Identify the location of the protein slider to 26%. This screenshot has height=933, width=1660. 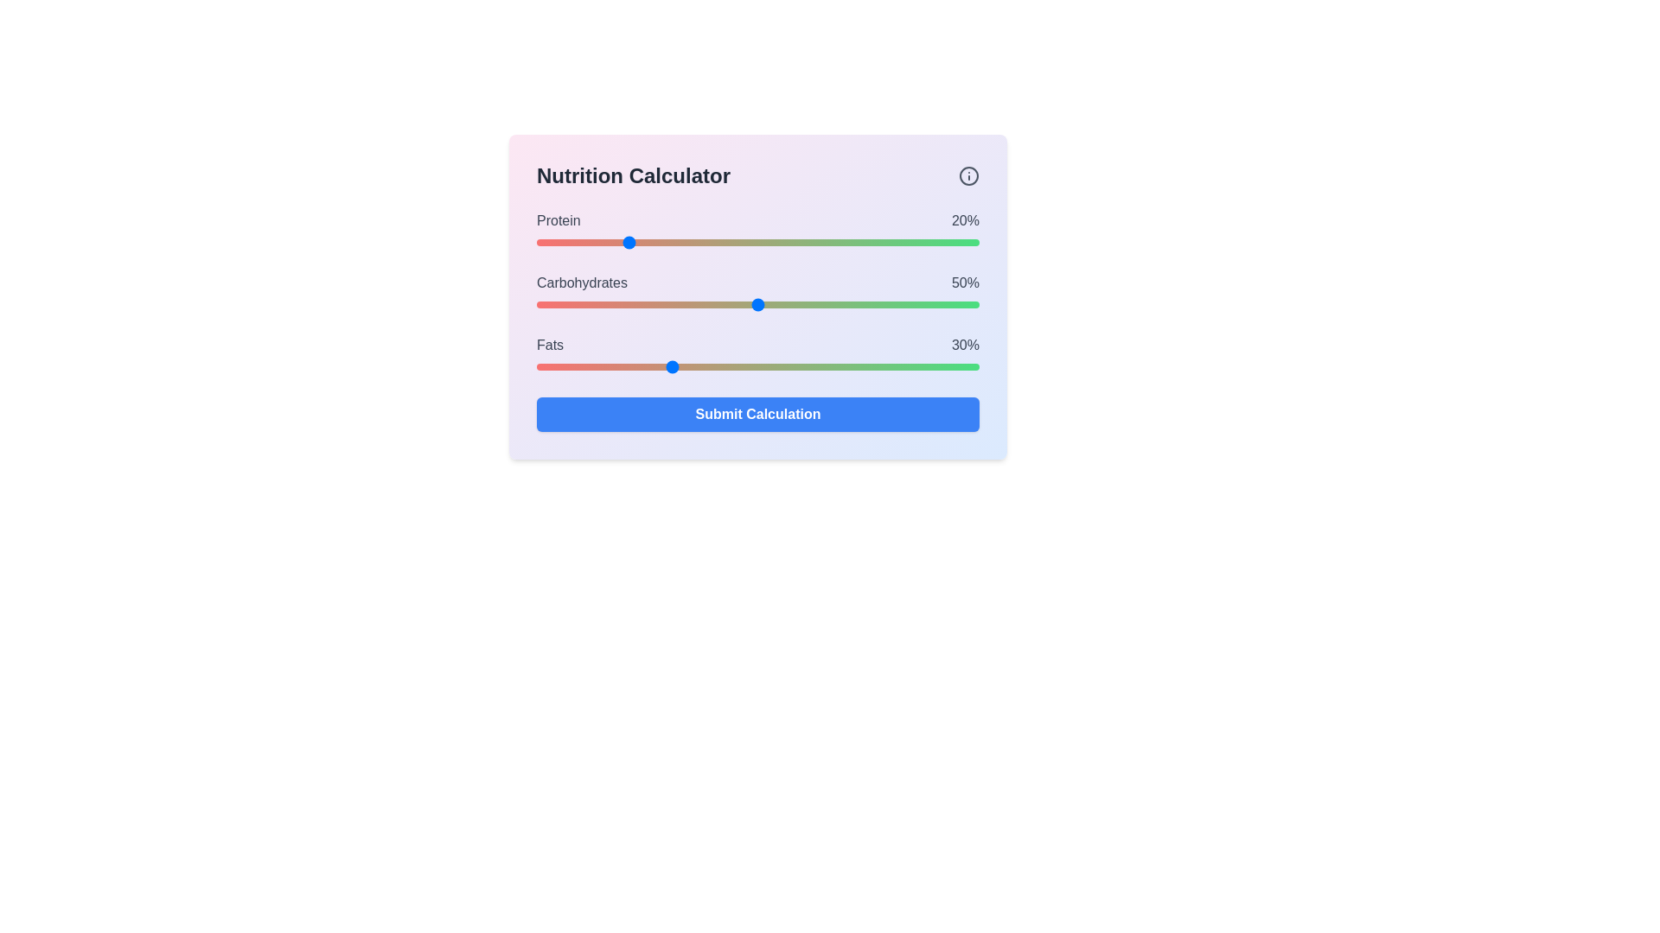
(651, 243).